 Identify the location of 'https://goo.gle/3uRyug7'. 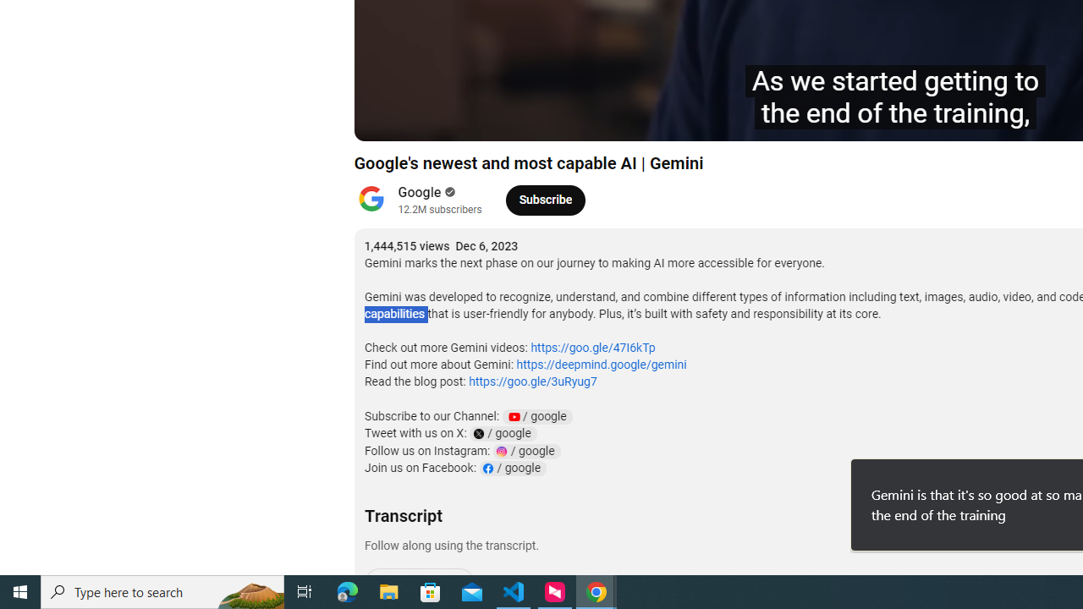
(531, 381).